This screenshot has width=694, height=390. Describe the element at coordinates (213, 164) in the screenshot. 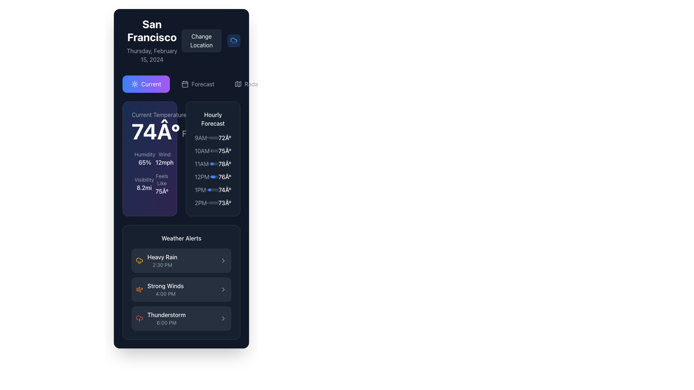

I see `the third entry in the 'Hourly Forecast' list that displays the weather details for 11:00 AM, including time, temperature, and precipitation indication` at that location.